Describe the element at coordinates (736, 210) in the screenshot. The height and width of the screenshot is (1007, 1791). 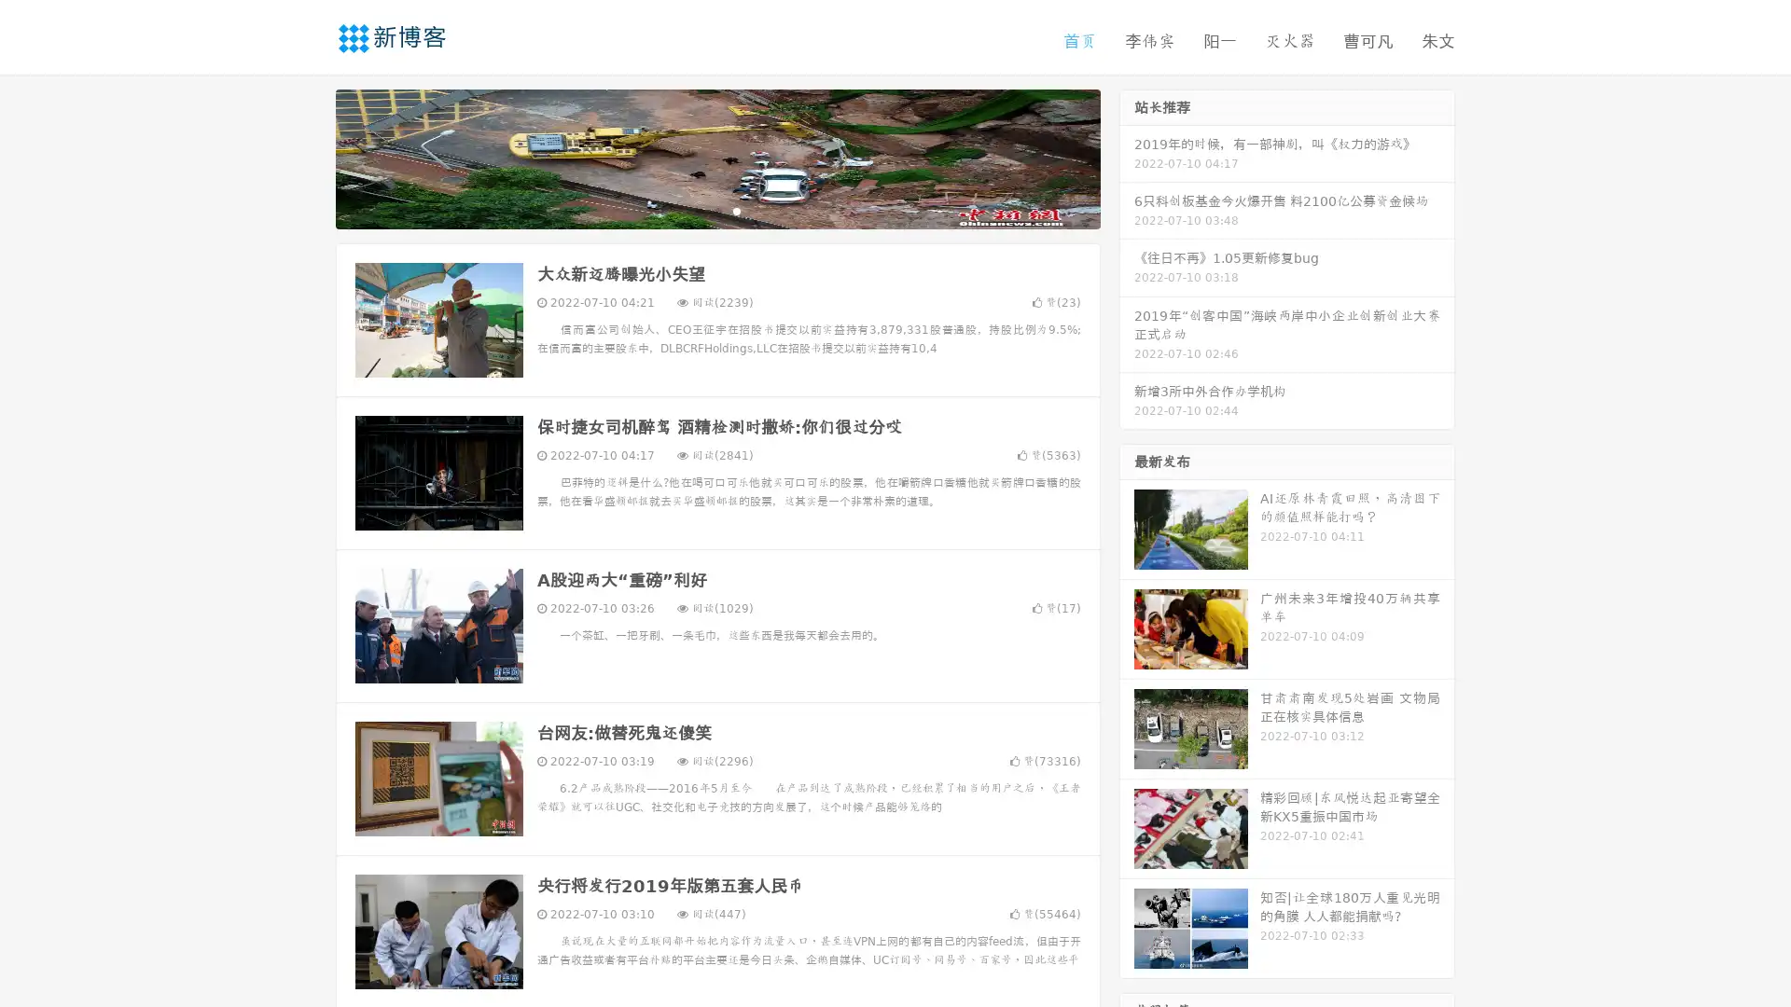
I see `Go to slide 3` at that location.